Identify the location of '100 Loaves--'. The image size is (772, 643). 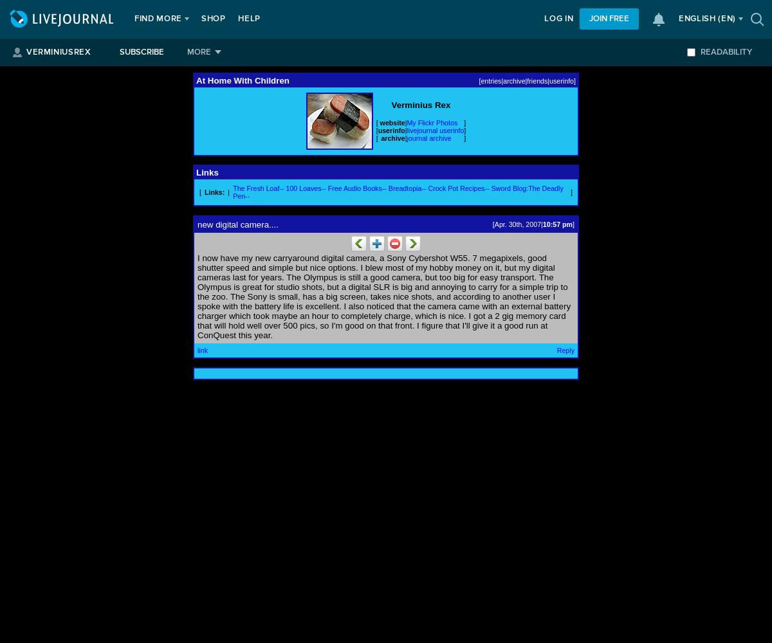
(304, 188).